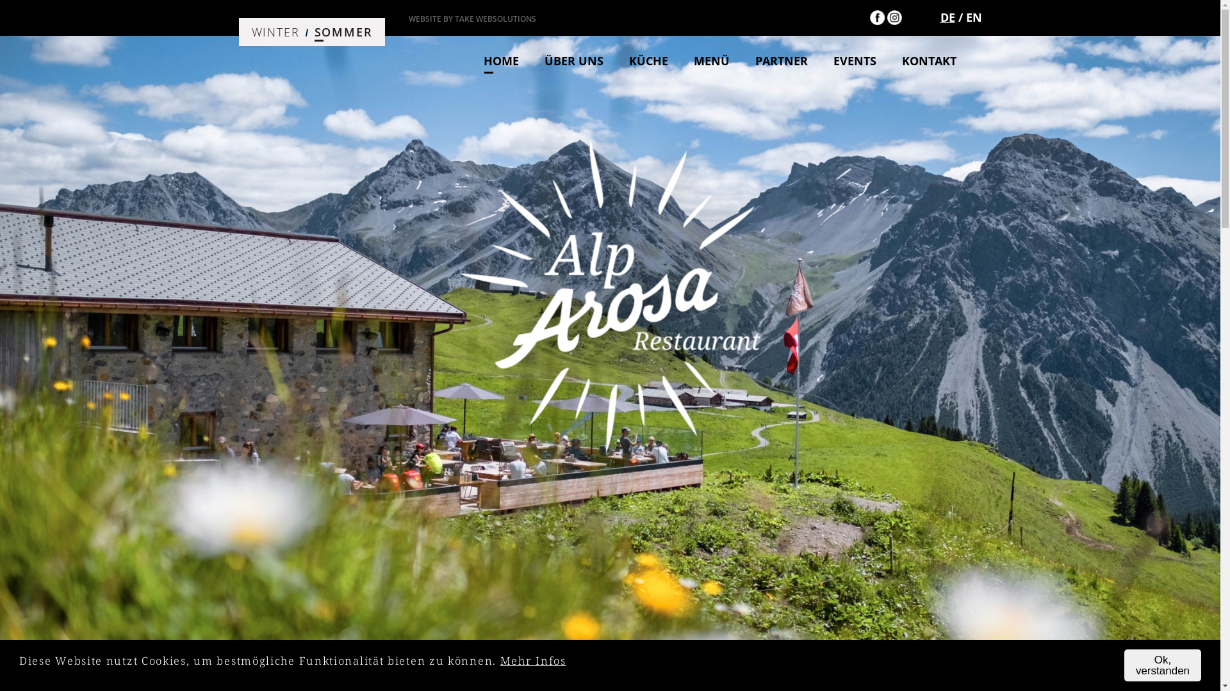  I want to click on 'DE', so click(947, 17).